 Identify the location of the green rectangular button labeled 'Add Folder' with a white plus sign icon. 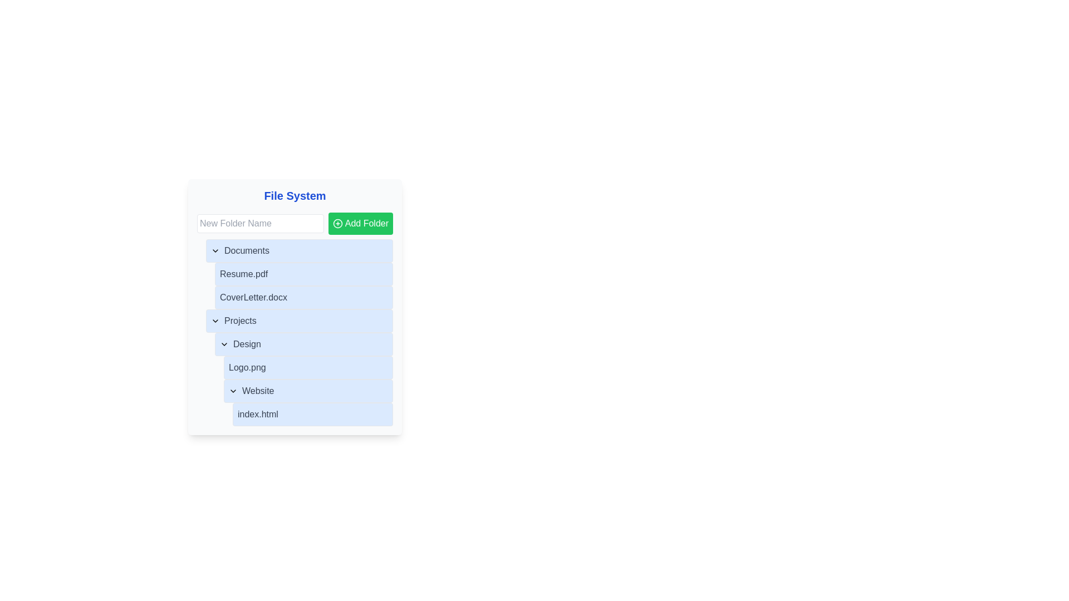
(360, 223).